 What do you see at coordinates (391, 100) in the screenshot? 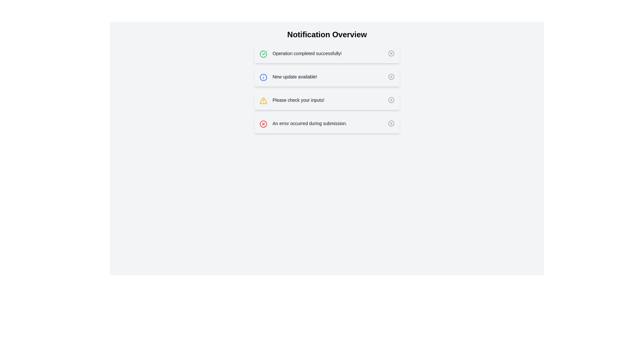
I see `the close button located in the third notification item displaying 'Please check your inputs!'` at bounding box center [391, 100].